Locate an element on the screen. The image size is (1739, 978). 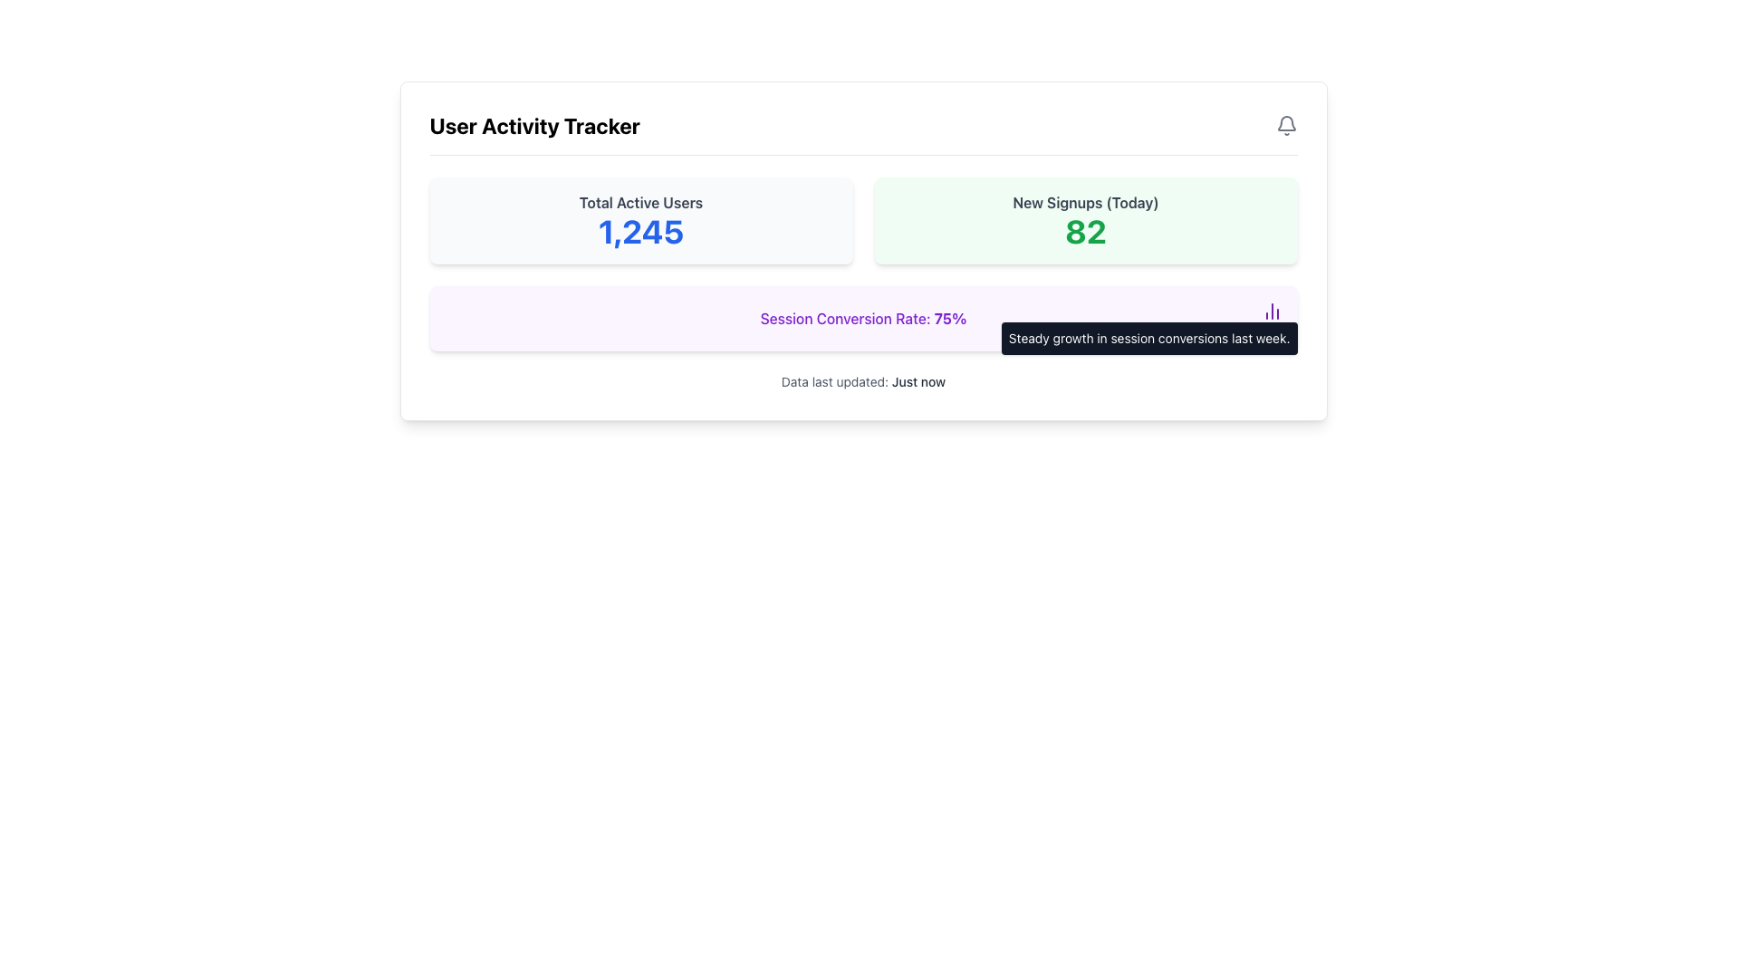
information displayed in the tooltip with the text 'Steady growth in session conversions last week.' which is located to the right side near the top of the card labeled 'Session Conversion Rate: 75%.' is located at coordinates (1148, 339).